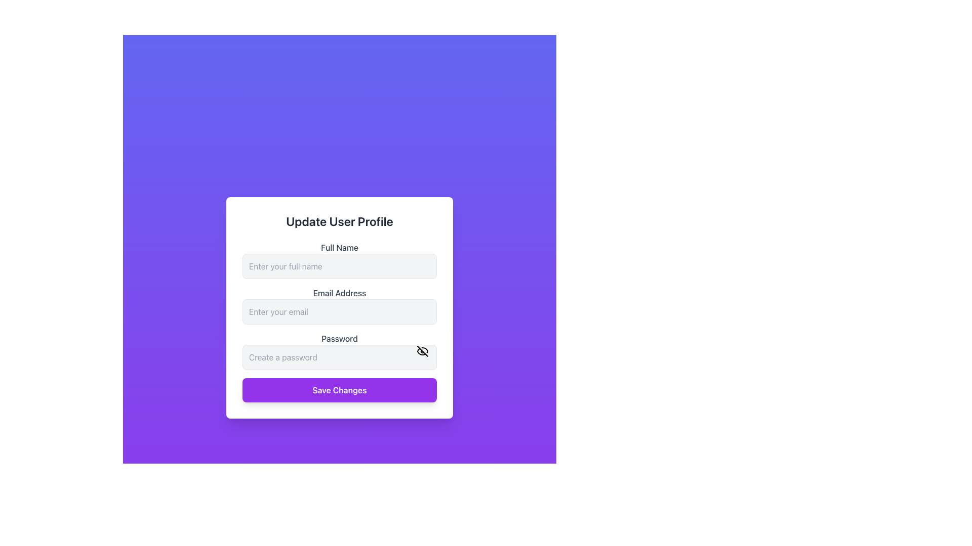 The width and height of the screenshot is (972, 546). Describe the element at coordinates (340, 221) in the screenshot. I see `the static text element that serves as a title for updating user profile details, positioned above the 'Full Name' field` at that location.